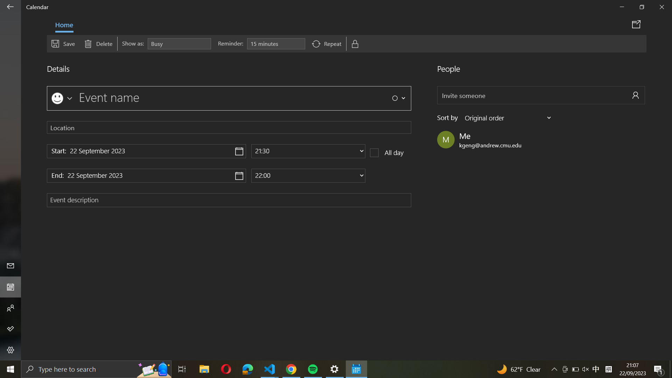 Image resolution: width=672 pixels, height=378 pixels. I want to click on the option to finalize event date, so click(146, 175).